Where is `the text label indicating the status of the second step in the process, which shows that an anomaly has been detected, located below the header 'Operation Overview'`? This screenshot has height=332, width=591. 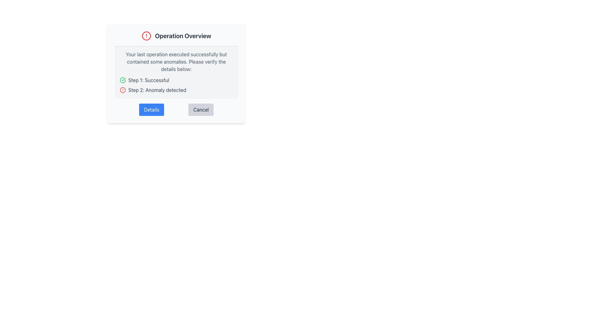
the text label indicating the status of the second step in the process, which shows that an anomaly has been detected, located below the header 'Operation Overview' is located at coordinates (157, 90).